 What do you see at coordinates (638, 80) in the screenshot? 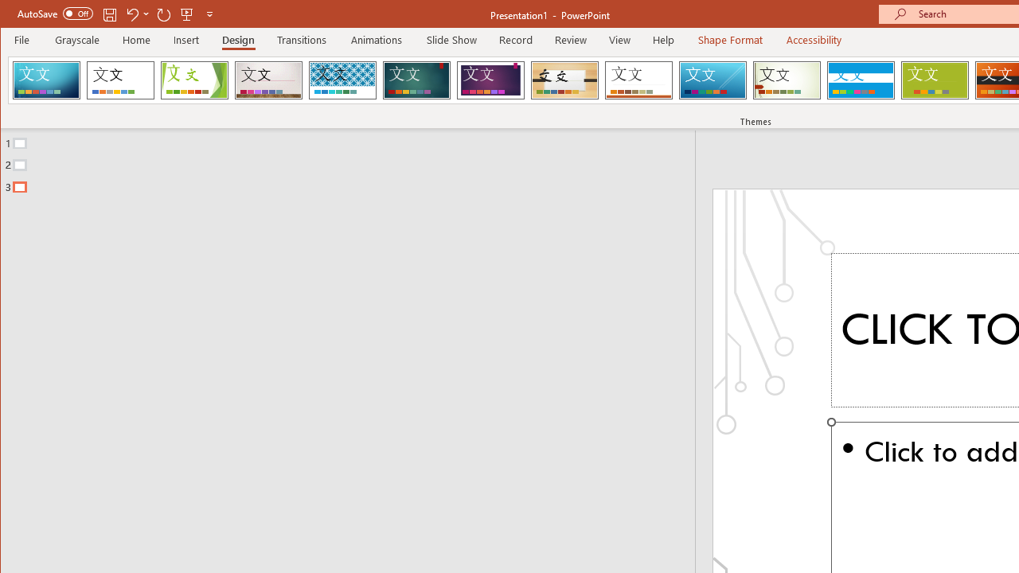
I see `'Retrospect'` at bounding box center [638, 80].